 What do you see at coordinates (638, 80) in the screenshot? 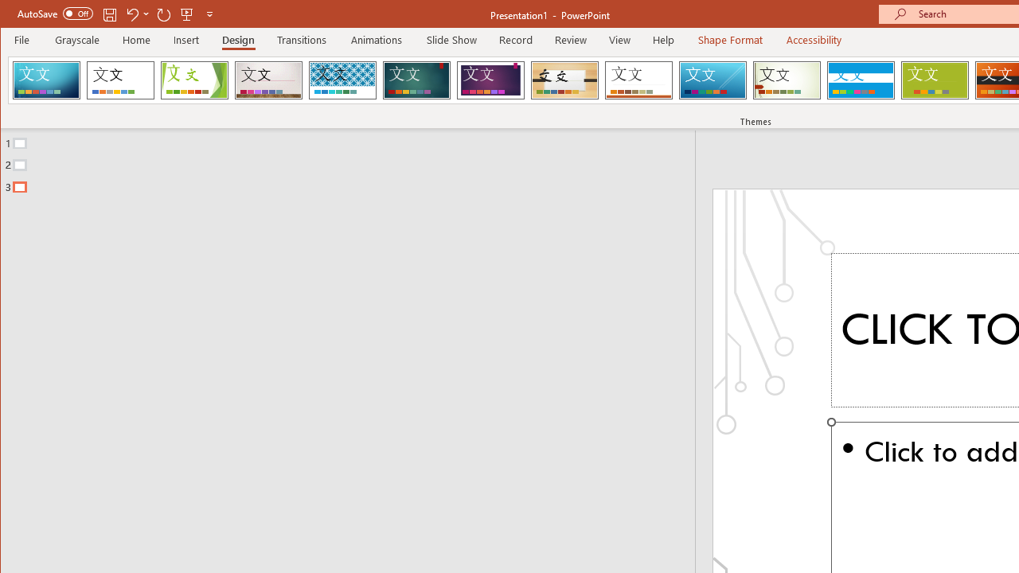
I see `'Retrospect'` at bounding box center [638, 80].